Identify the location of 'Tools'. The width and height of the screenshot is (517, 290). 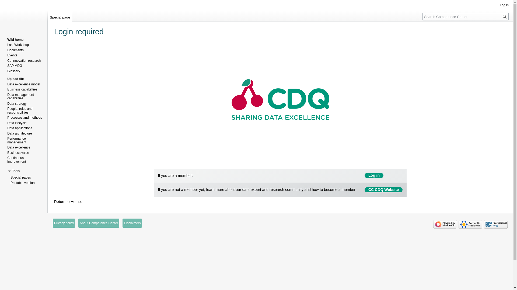
(16, 171).